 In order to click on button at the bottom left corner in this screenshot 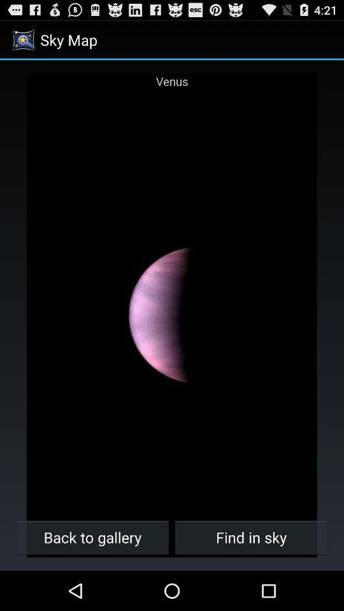, I will do `click(92, 537)`.